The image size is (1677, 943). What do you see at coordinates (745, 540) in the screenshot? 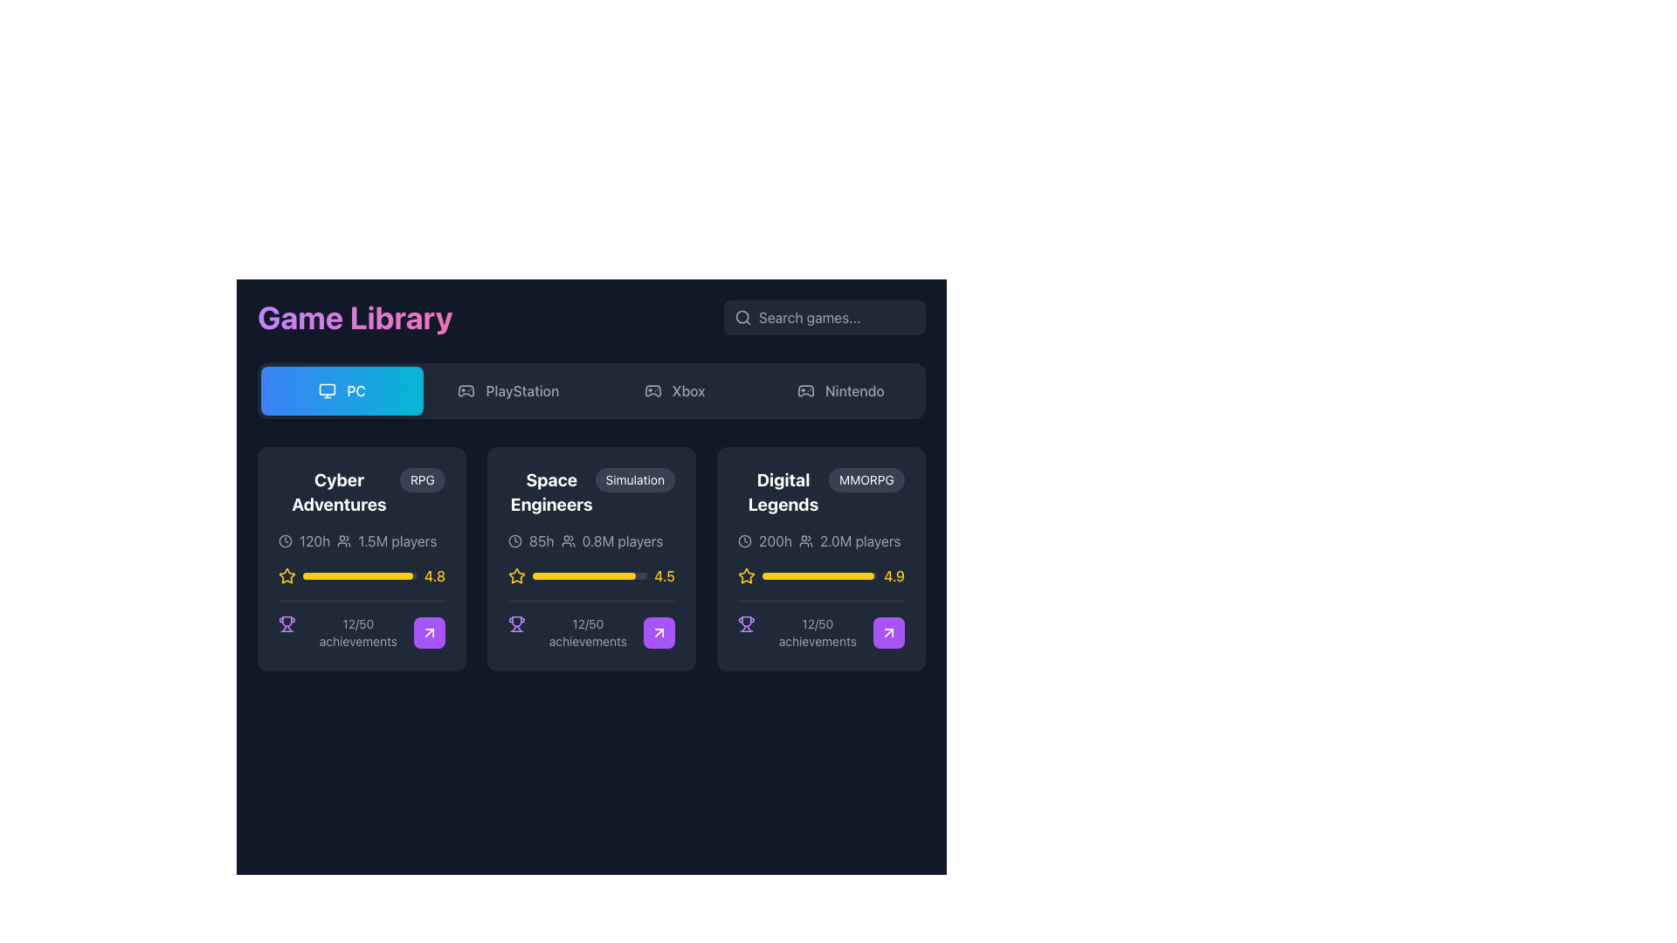
I see `the circular structure within the clock icon on the 'Digital Legends' game card, which indicates total playtime` at bounding box center [745, 540].